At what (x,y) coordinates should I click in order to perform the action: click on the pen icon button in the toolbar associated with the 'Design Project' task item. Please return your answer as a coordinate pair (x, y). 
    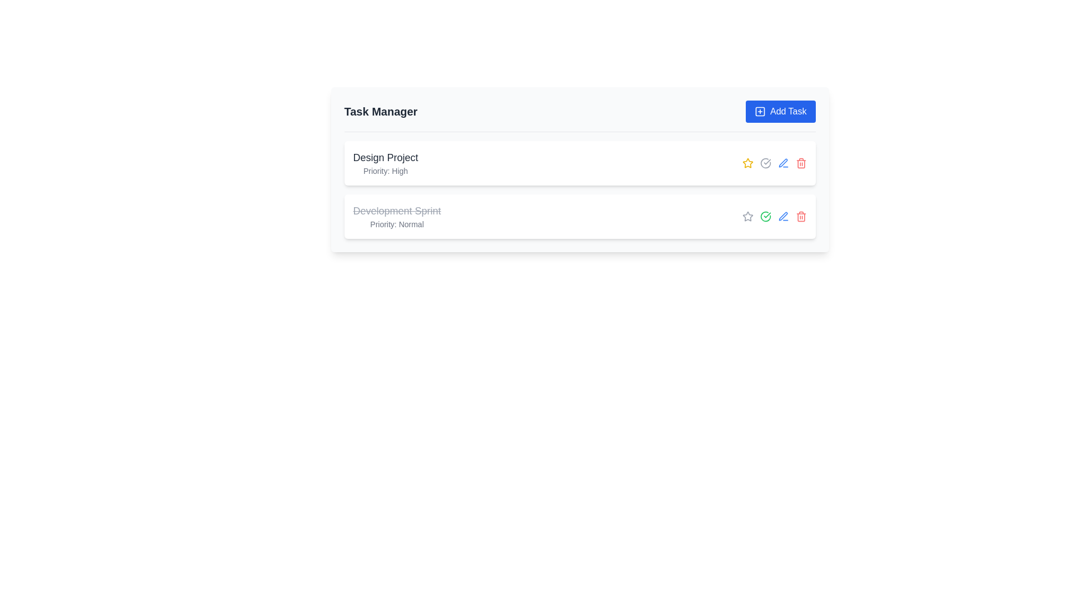
    Looking at the image, I should click on (782, 163).